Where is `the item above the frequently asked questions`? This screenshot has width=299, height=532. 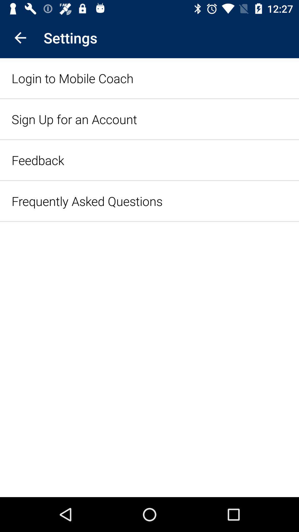 the item above the frequently asked questions is located at coordinates (37, 160).